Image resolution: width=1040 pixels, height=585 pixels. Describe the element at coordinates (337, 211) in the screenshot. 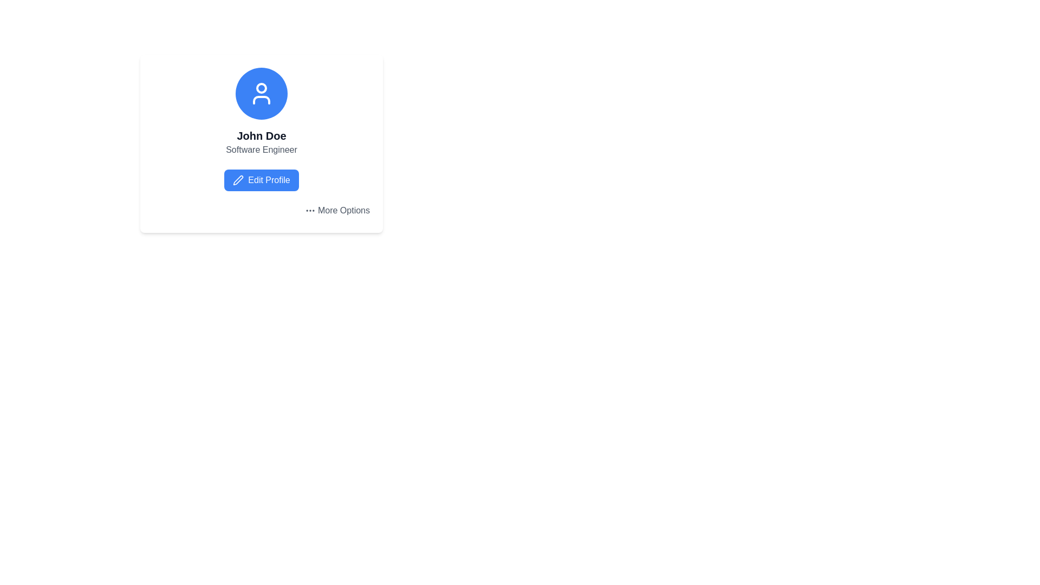

I see `the button with icon and text located at the bottom-right corner of the user profile section` at that location.